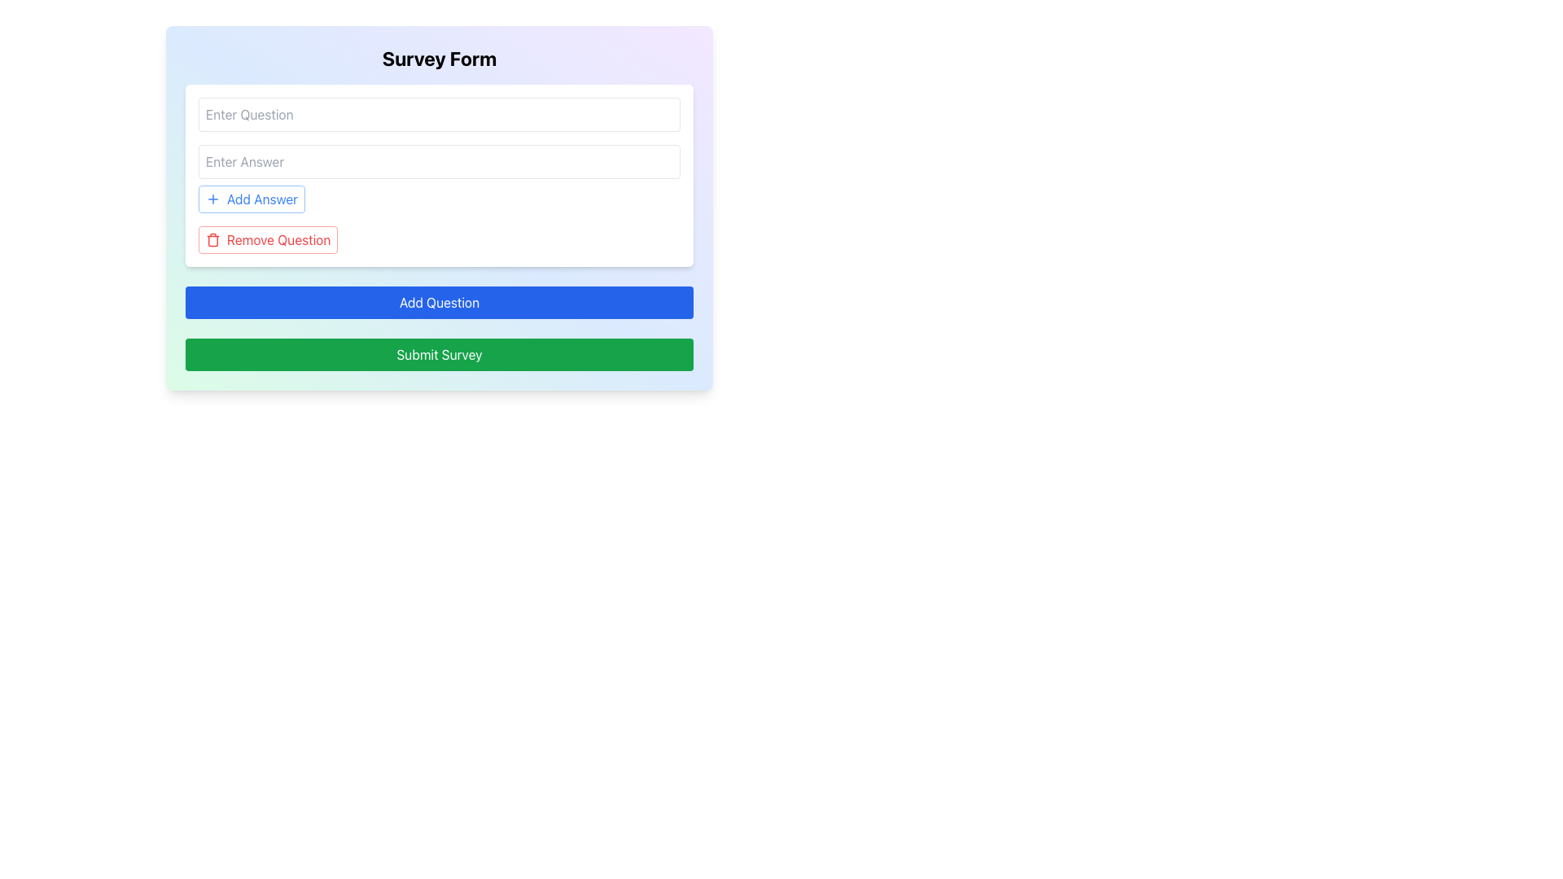 The width and height of the screenshot is (1563, 879). I want to click on the small trash can icon with red strokes located to the left of the 'Remove Question' text, so click(212, 239).